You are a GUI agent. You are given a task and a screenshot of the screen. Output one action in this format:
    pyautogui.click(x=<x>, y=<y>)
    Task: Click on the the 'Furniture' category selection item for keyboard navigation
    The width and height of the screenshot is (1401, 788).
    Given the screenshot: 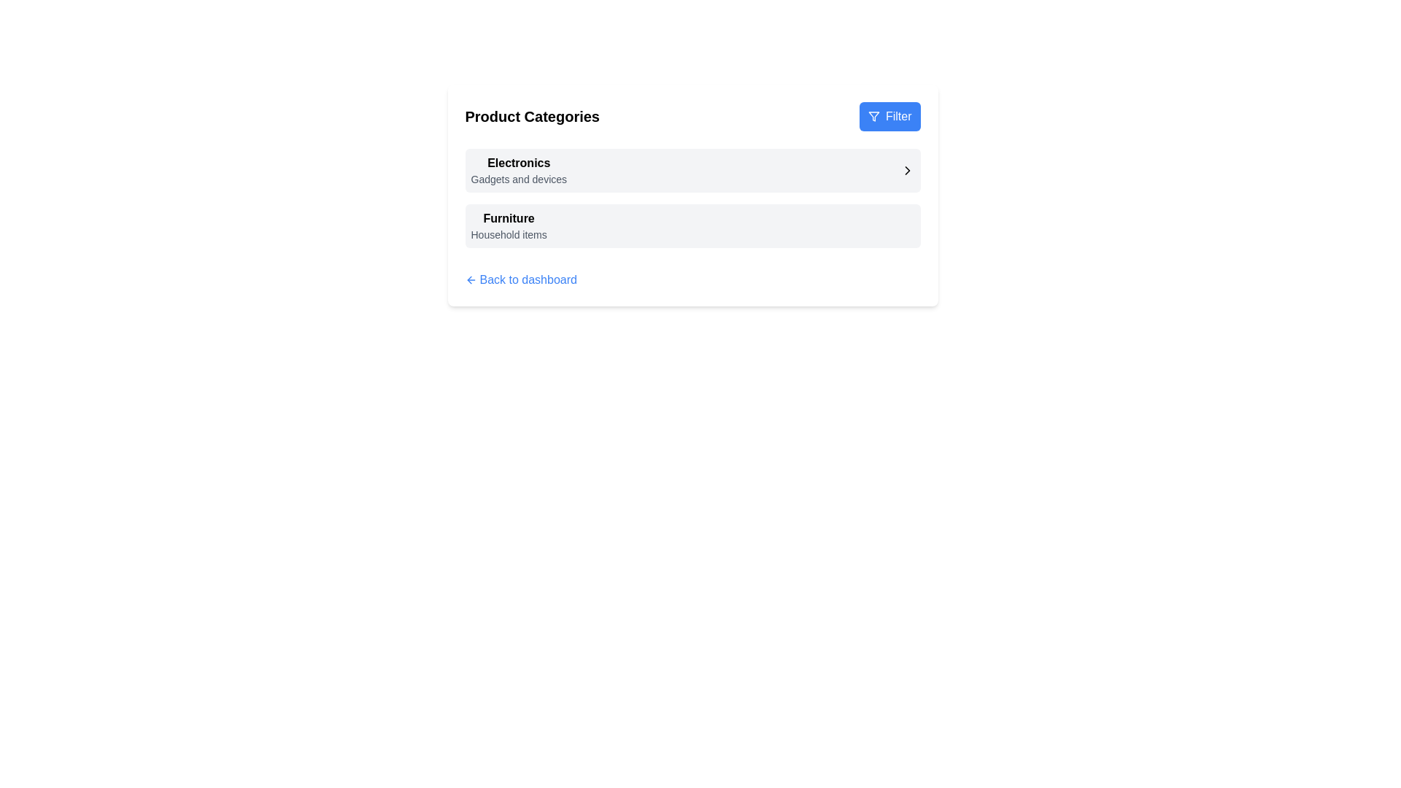 What is the action you would take?
    pyautogui.click(x=692, y=225)
    